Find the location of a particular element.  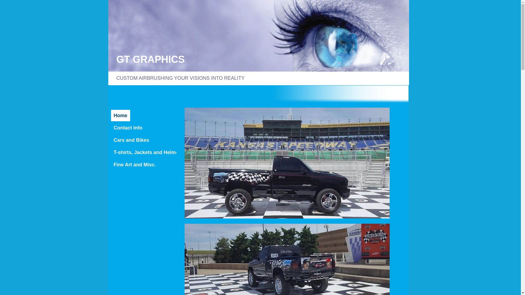

'Fine Art and Misc.' is located at coordinates (135, 164).